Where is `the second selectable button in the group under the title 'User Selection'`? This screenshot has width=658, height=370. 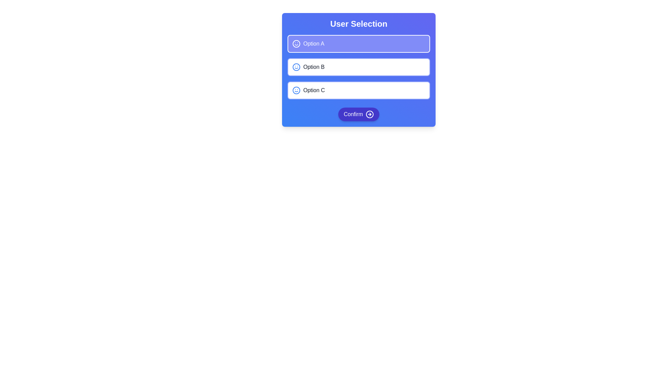
the second selectable button in the group under the title 'User Selection' is located at coordinates (358, 67).